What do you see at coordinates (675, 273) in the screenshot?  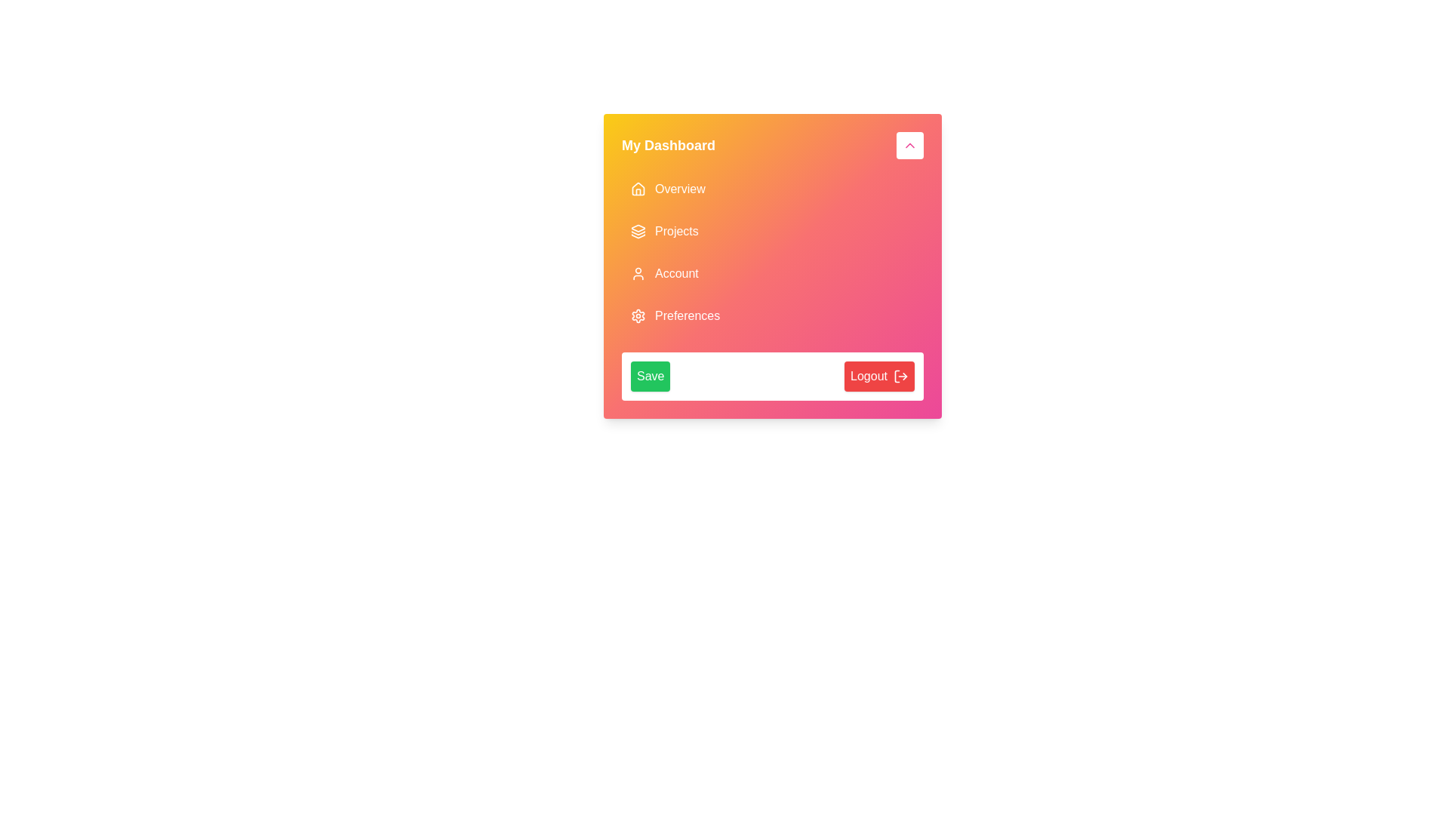 I see `'Account' text label, which is displayed in white font against an orange gradient background, positioned as the third item in the vertical navigation menu on the left side of the interface` at bounding box center [675, 273].